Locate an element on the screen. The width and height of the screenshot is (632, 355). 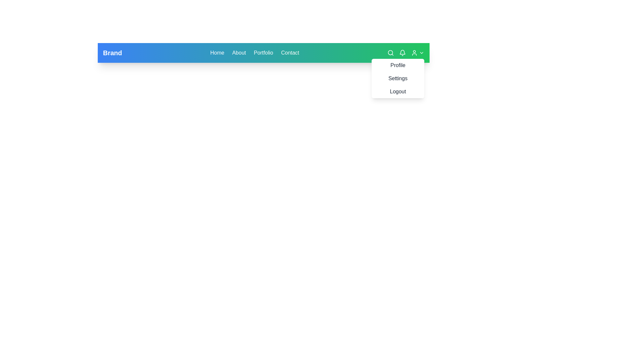
the 'Contact' hyperlink in the top-right navigation to underline it is located at coordinates (290, 53).